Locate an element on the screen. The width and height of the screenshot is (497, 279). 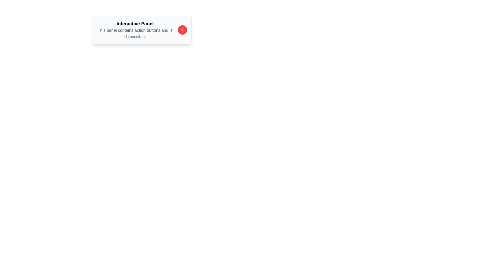
the small, red 'X' icon which is part of the close button on the right side of the notification panel is located at coordinates (182, 30).